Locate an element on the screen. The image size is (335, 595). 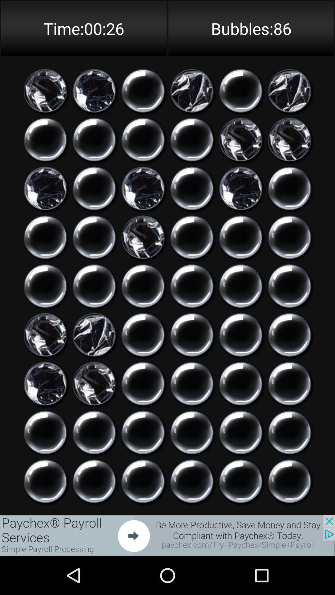
click bubble is located at coordinates (94, 481).